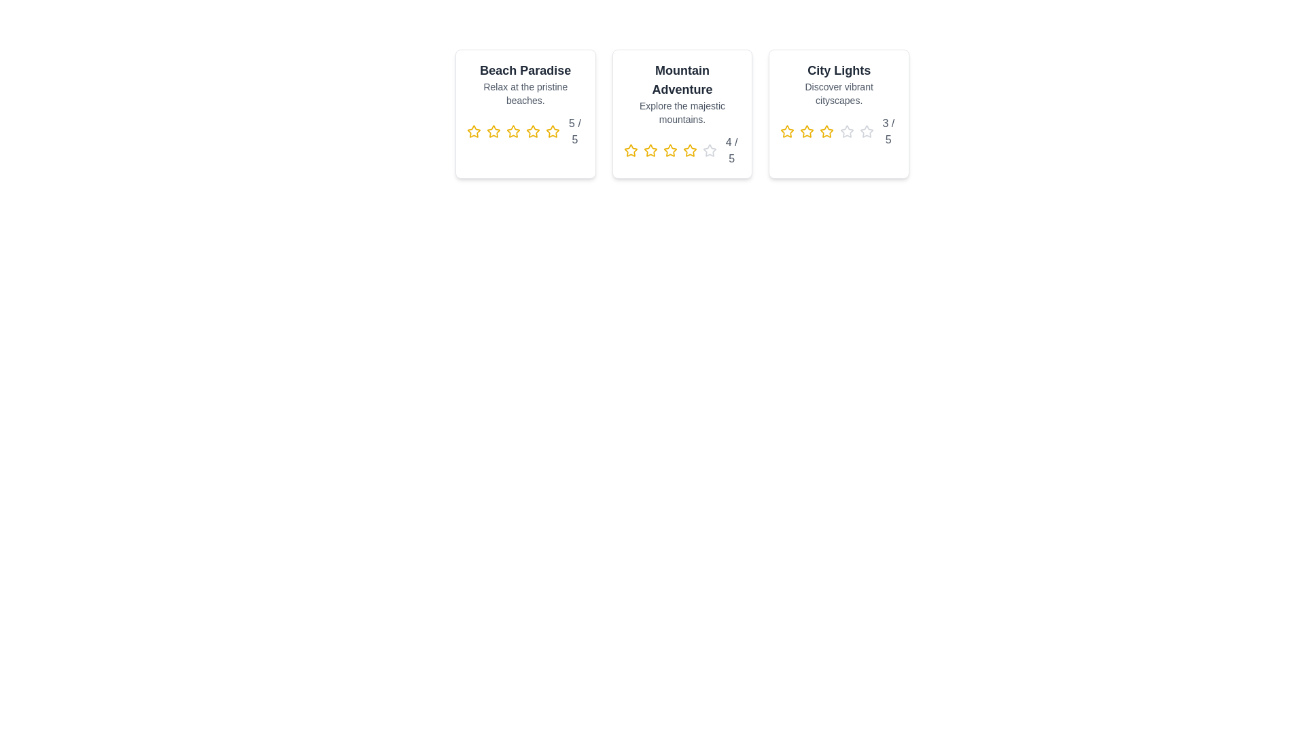  What do you see at coordinates (532, 131) in the screenshot?
I see `the rating for a destination to 4 stars by clicking on the corresponding star icon` at bounding box center [532, 131].